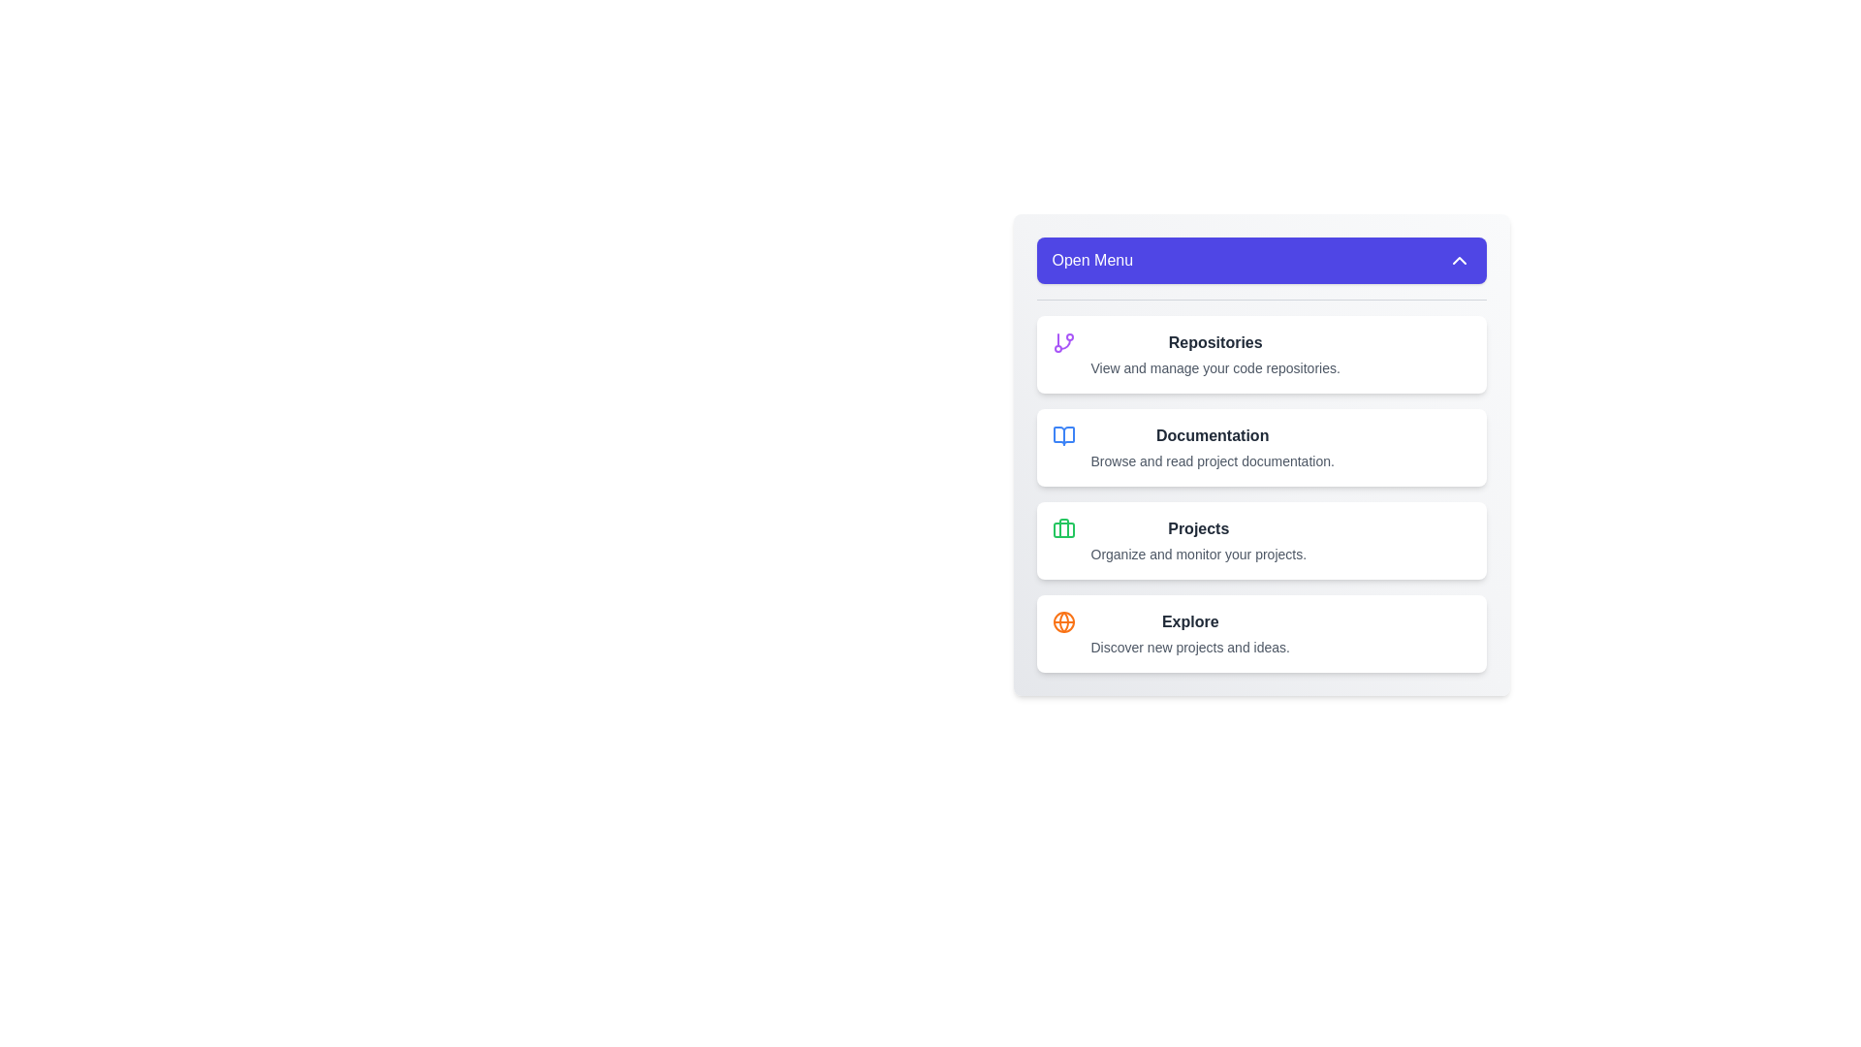 The width and height of the screenshot is (1861, 1047). I want to click on the 'Documentation' icon, which is a visual indicator located to the left of the text 'Documentation' within the menu panel, so click(1062, 436).